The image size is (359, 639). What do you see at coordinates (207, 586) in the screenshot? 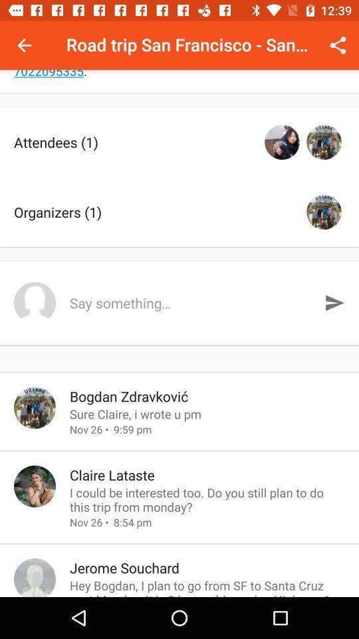
I see `icon below the jerome souchard item` at bounding box center [207, 586].